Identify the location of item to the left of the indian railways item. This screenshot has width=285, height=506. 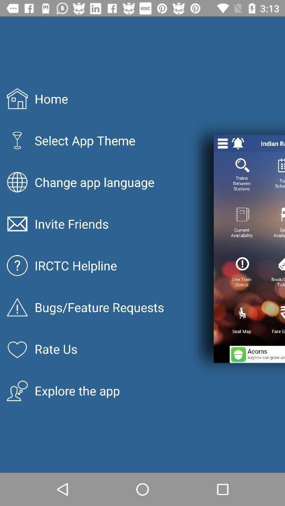
(238, 143).